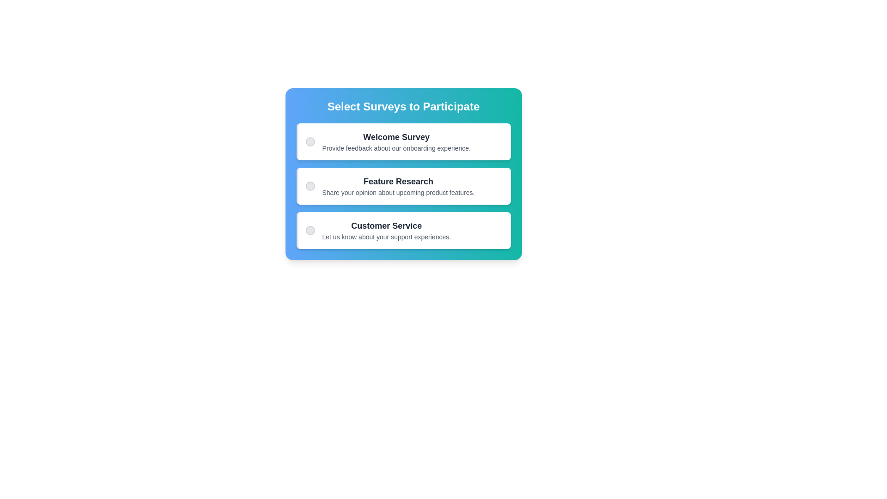 The width and height of the screenshot is (887, 499). What do you see at coordinates (388, 142) in the screenshot?
I see `the 'Welcome Survey' text` at bounding box center [388, 142].